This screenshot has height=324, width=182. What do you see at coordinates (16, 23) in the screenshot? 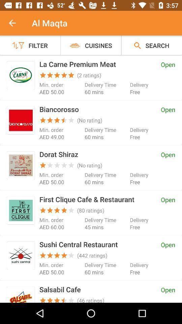
I see `the icon to the left of al maqta icon` at bounding box center [16, 23].